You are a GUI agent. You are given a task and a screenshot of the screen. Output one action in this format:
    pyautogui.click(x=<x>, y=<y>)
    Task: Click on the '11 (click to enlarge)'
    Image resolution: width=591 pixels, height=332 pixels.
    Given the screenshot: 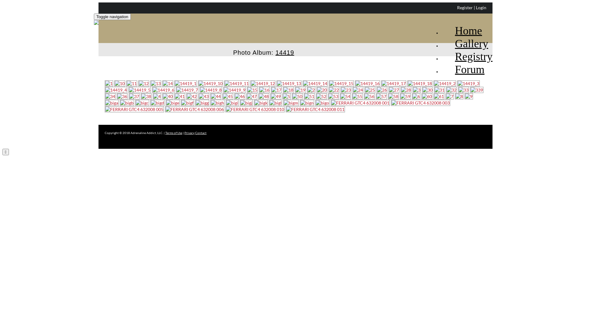 What is the action you would take?
    pyautogui.click(x=131, y=83)
    